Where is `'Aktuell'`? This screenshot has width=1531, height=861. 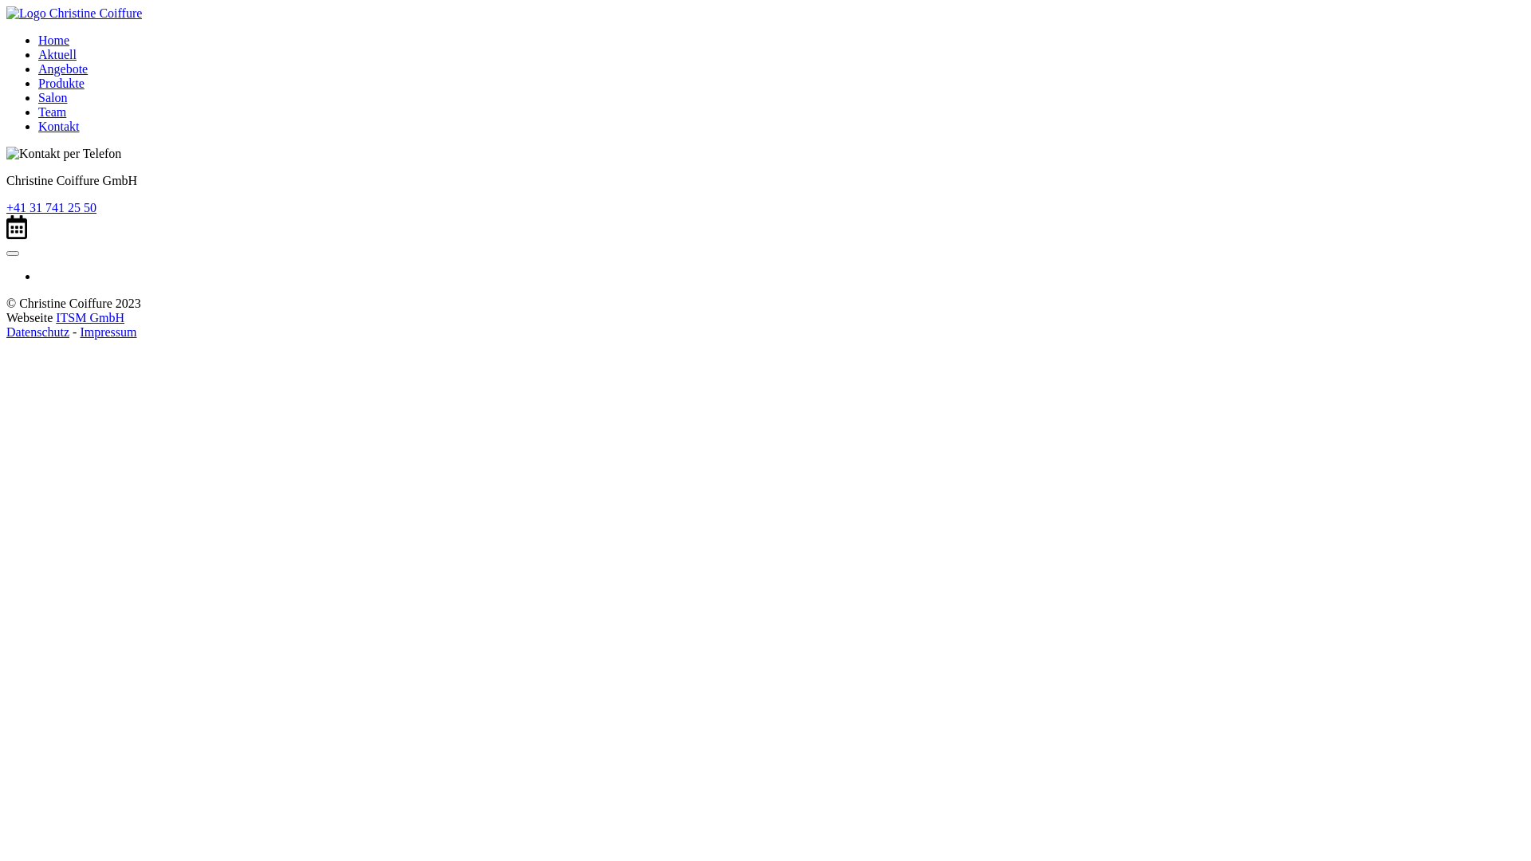 'Aktuell' is located at coordinates (38, 53).